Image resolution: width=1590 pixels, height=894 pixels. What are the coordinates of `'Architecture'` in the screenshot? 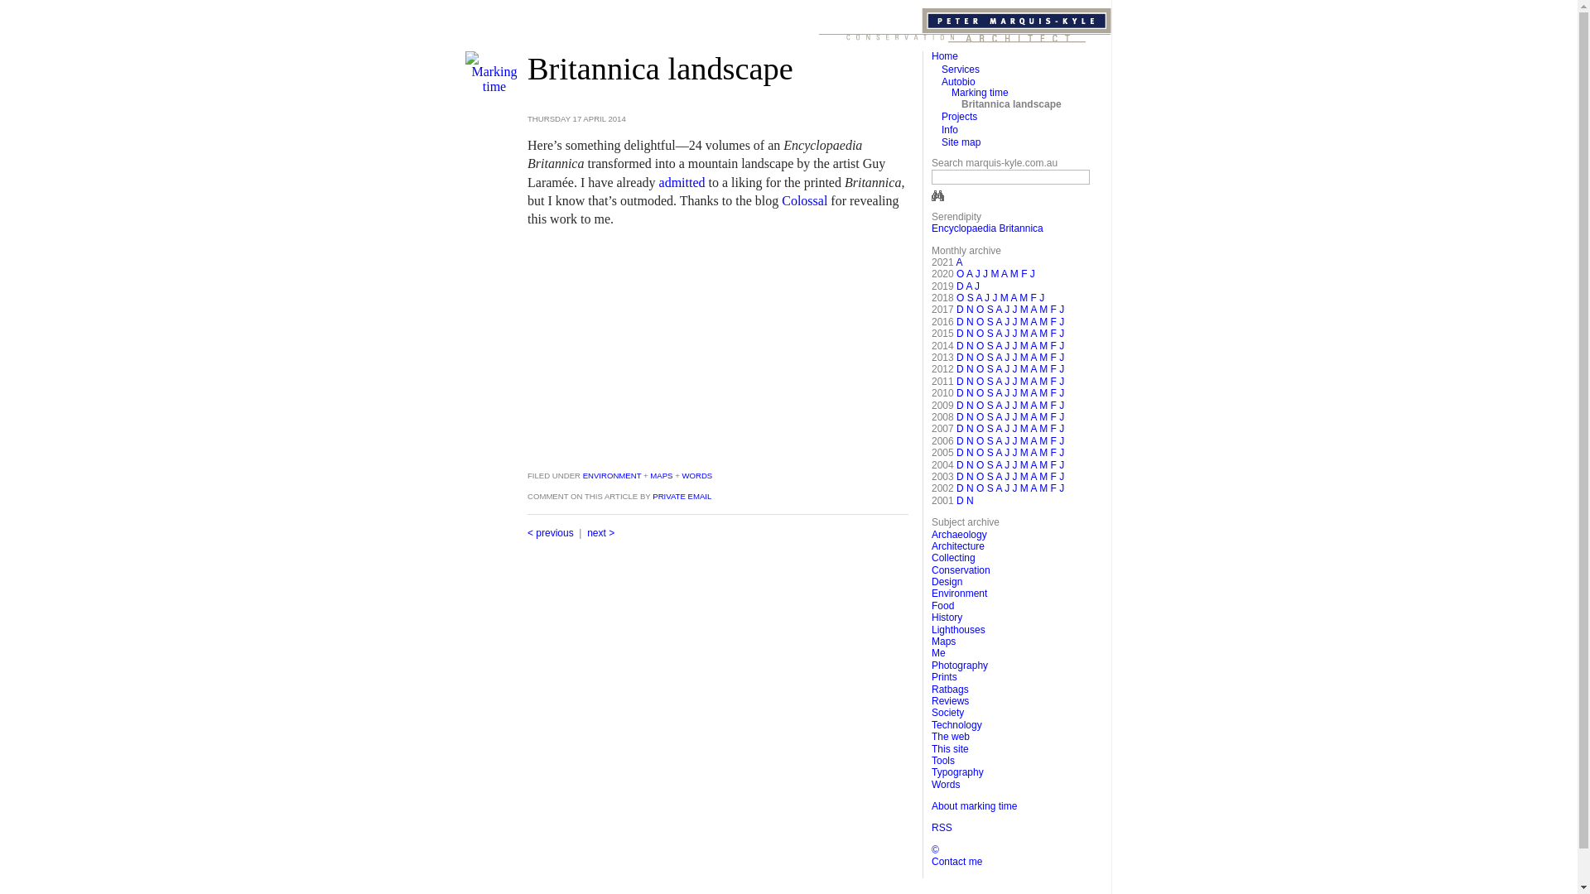 It's located at (957, 546).